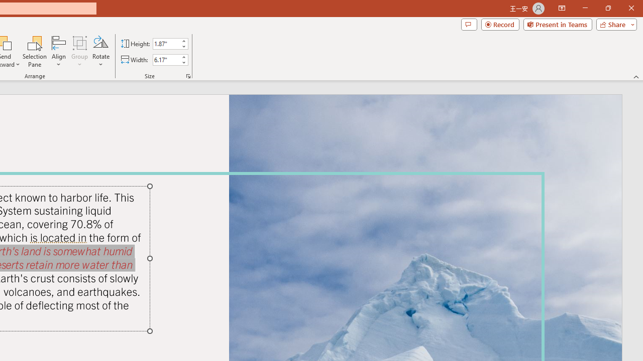 This screenshot has width=643, height=361. I want to click on 'Align', so click(58, 52).